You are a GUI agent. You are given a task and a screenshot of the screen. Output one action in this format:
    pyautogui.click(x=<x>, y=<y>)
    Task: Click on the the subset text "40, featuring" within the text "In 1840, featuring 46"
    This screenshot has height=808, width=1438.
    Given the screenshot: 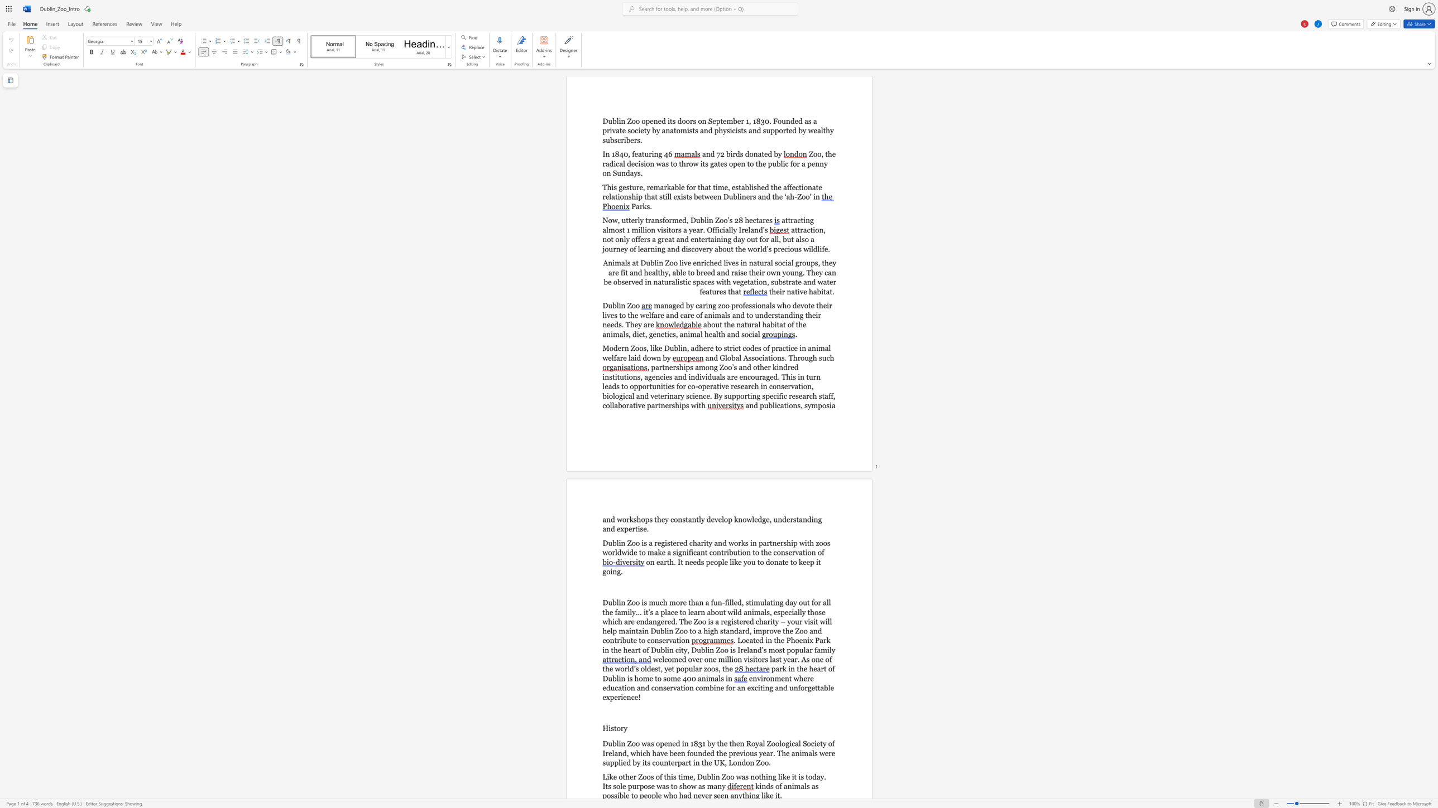 What is the action you would take?
    pyautogui.click(x=619, y=153)
    